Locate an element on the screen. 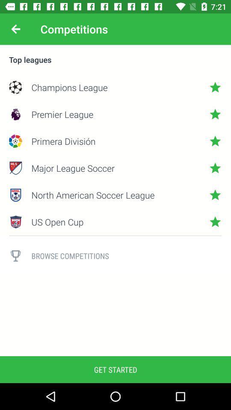 Image resolution: width=231 pixels, height=410 pixels. the item below the north american soccer item is located at coordinates (115, 221).